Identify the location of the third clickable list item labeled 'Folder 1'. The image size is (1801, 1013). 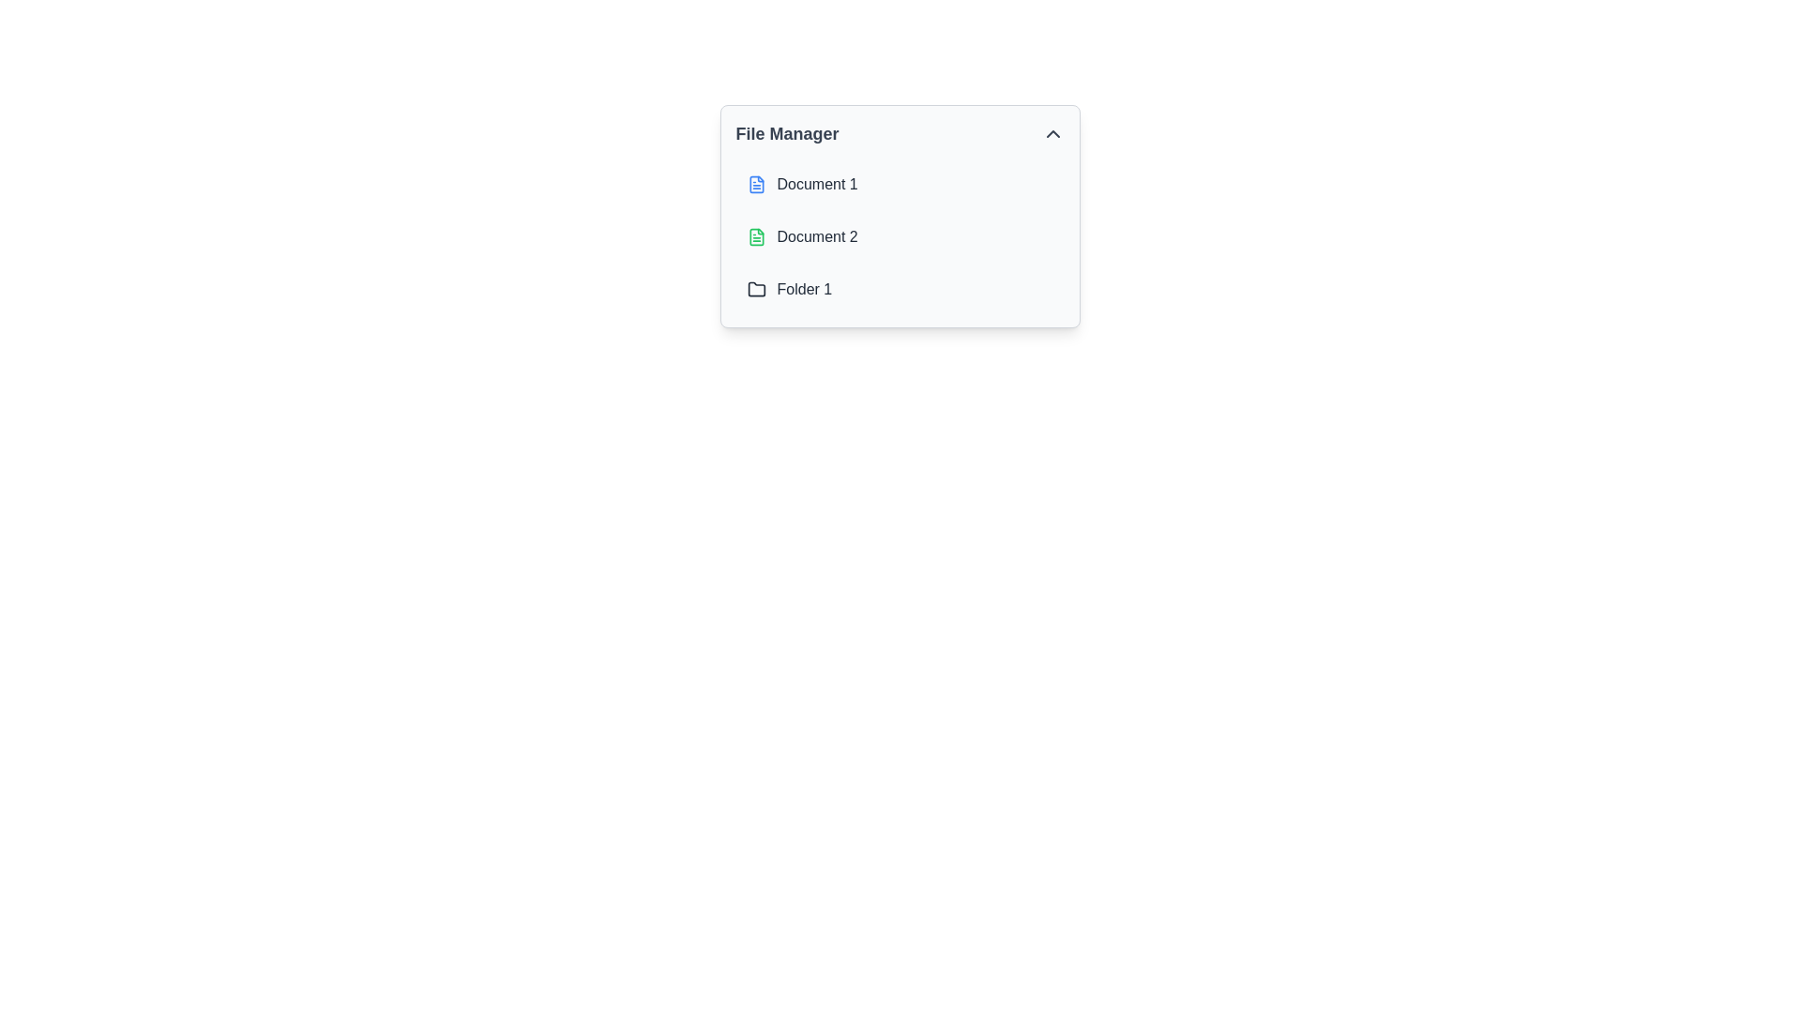
(899, 289).